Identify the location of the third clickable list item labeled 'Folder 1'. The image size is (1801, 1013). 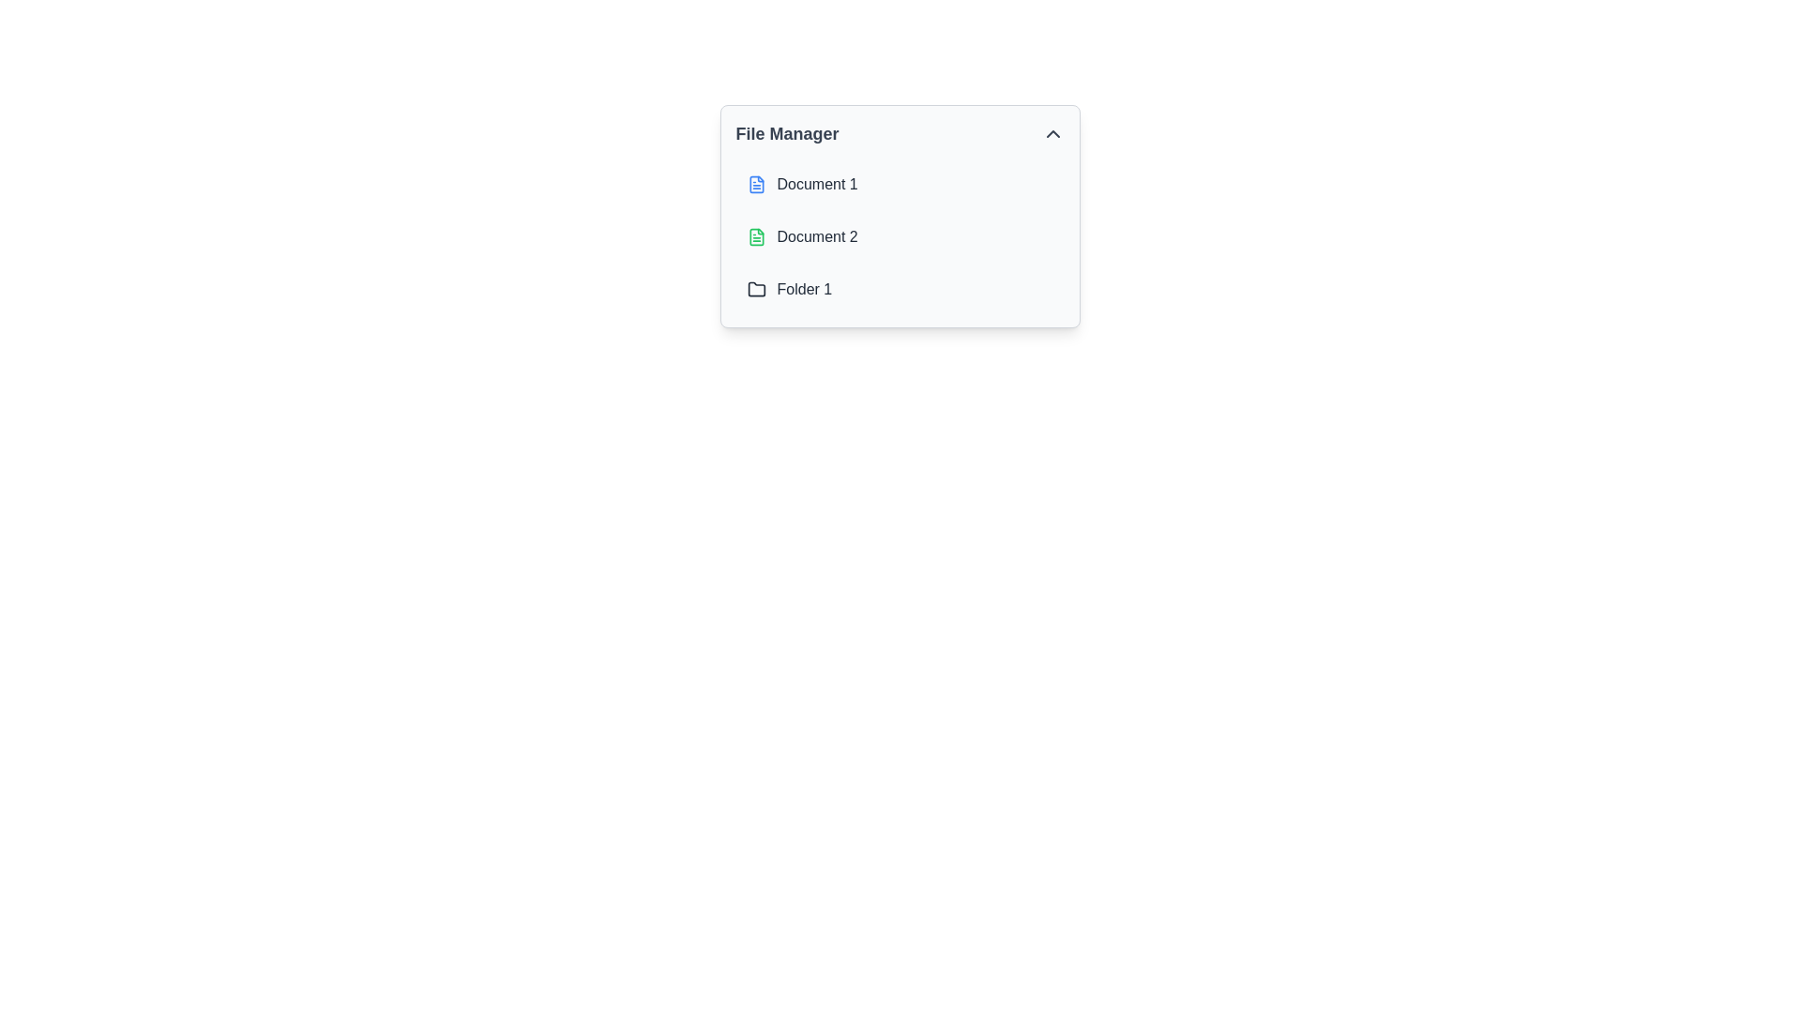
(899, 289).